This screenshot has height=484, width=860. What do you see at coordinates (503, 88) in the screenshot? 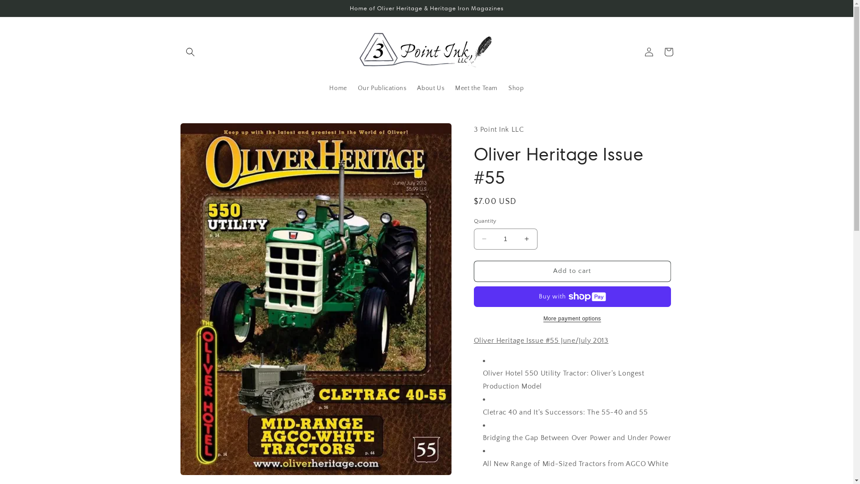
I see `'Shop'` at bounding box center [503, 88].